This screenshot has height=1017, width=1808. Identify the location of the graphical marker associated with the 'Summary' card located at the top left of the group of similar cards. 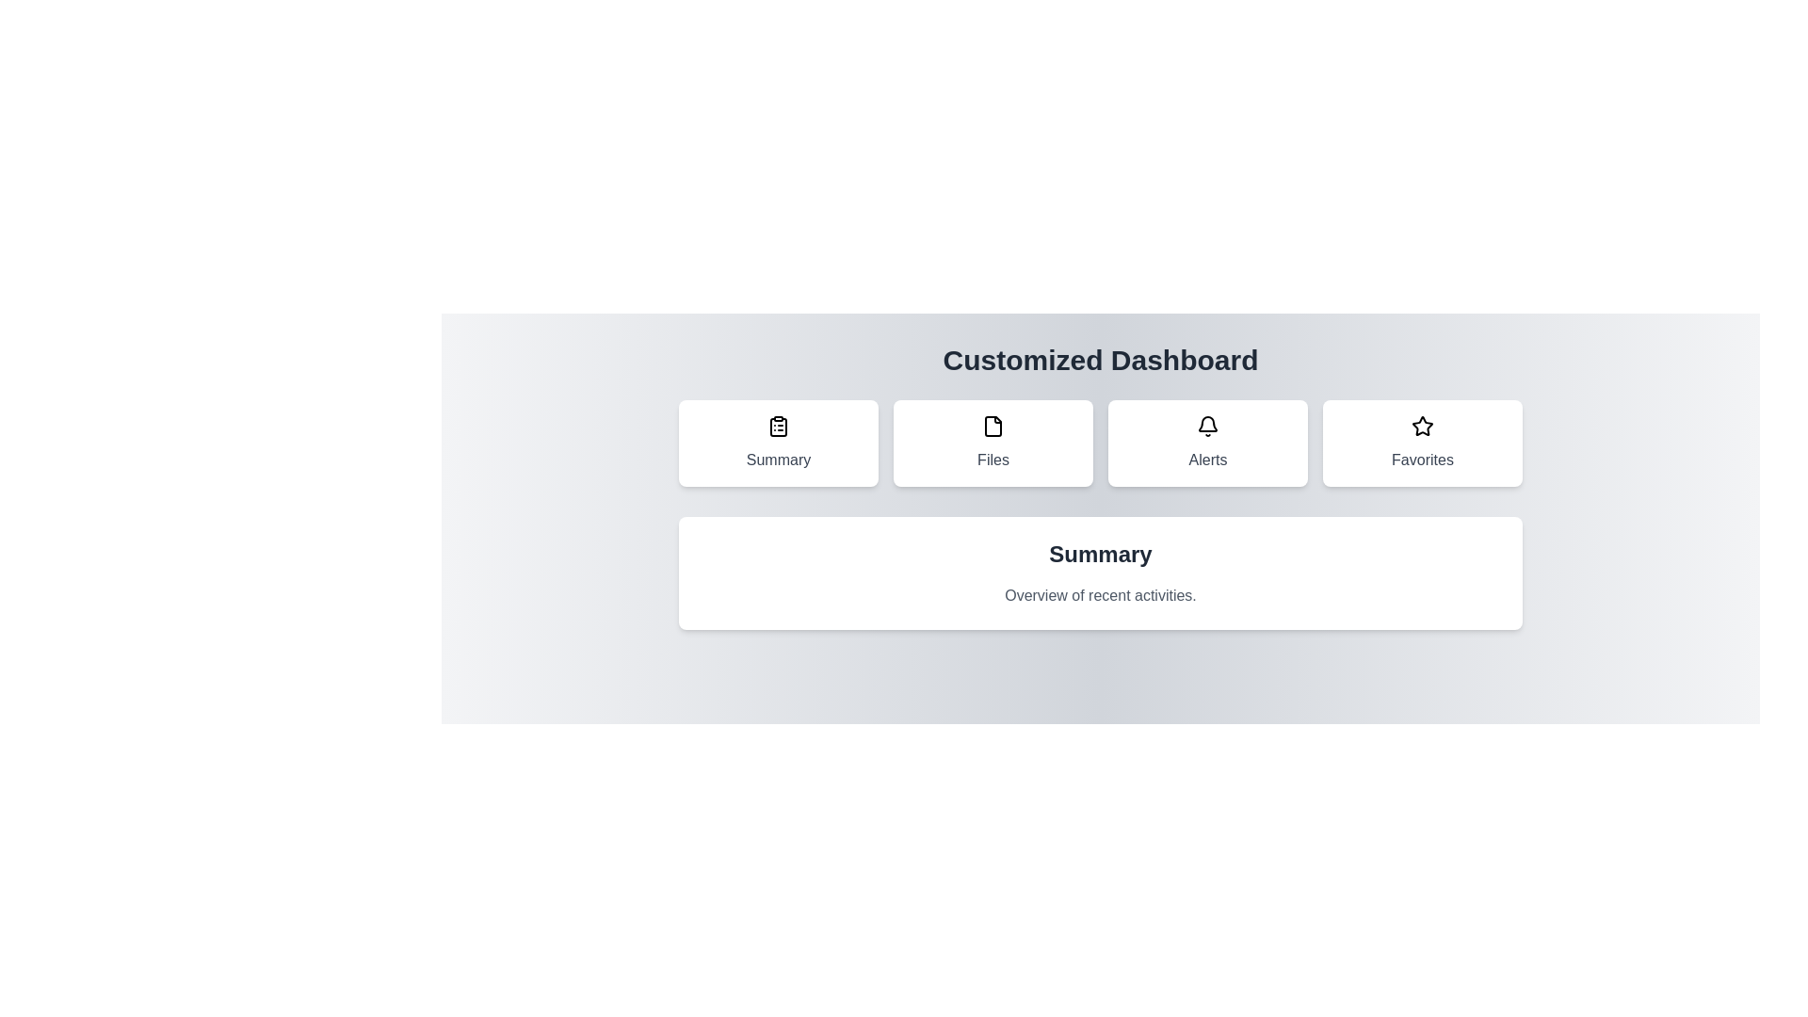
(778, 426).